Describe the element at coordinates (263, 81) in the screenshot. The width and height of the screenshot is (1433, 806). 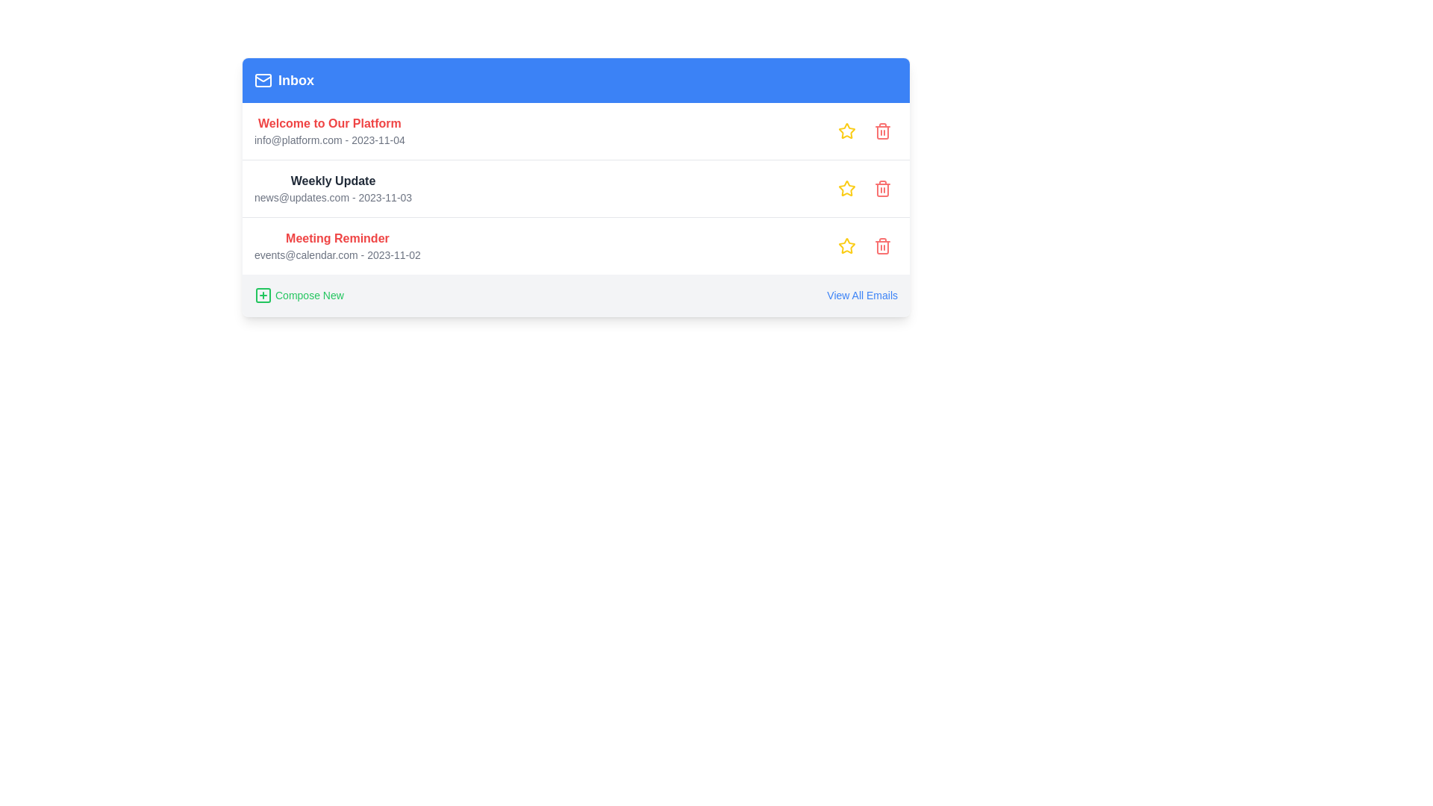
I see `the 'Inbox' icon located on the far left of the blue-colored header bar, which precedes the text label 'Inbox'` at that location.